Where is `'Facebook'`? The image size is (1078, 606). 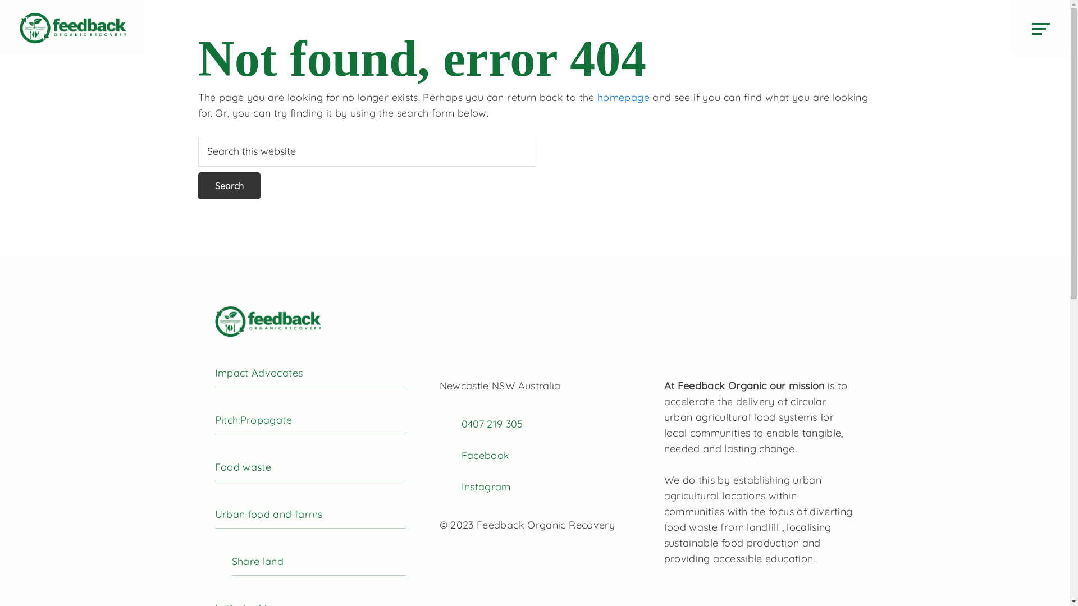 'Facebook' is located at coordinates (485, 455).